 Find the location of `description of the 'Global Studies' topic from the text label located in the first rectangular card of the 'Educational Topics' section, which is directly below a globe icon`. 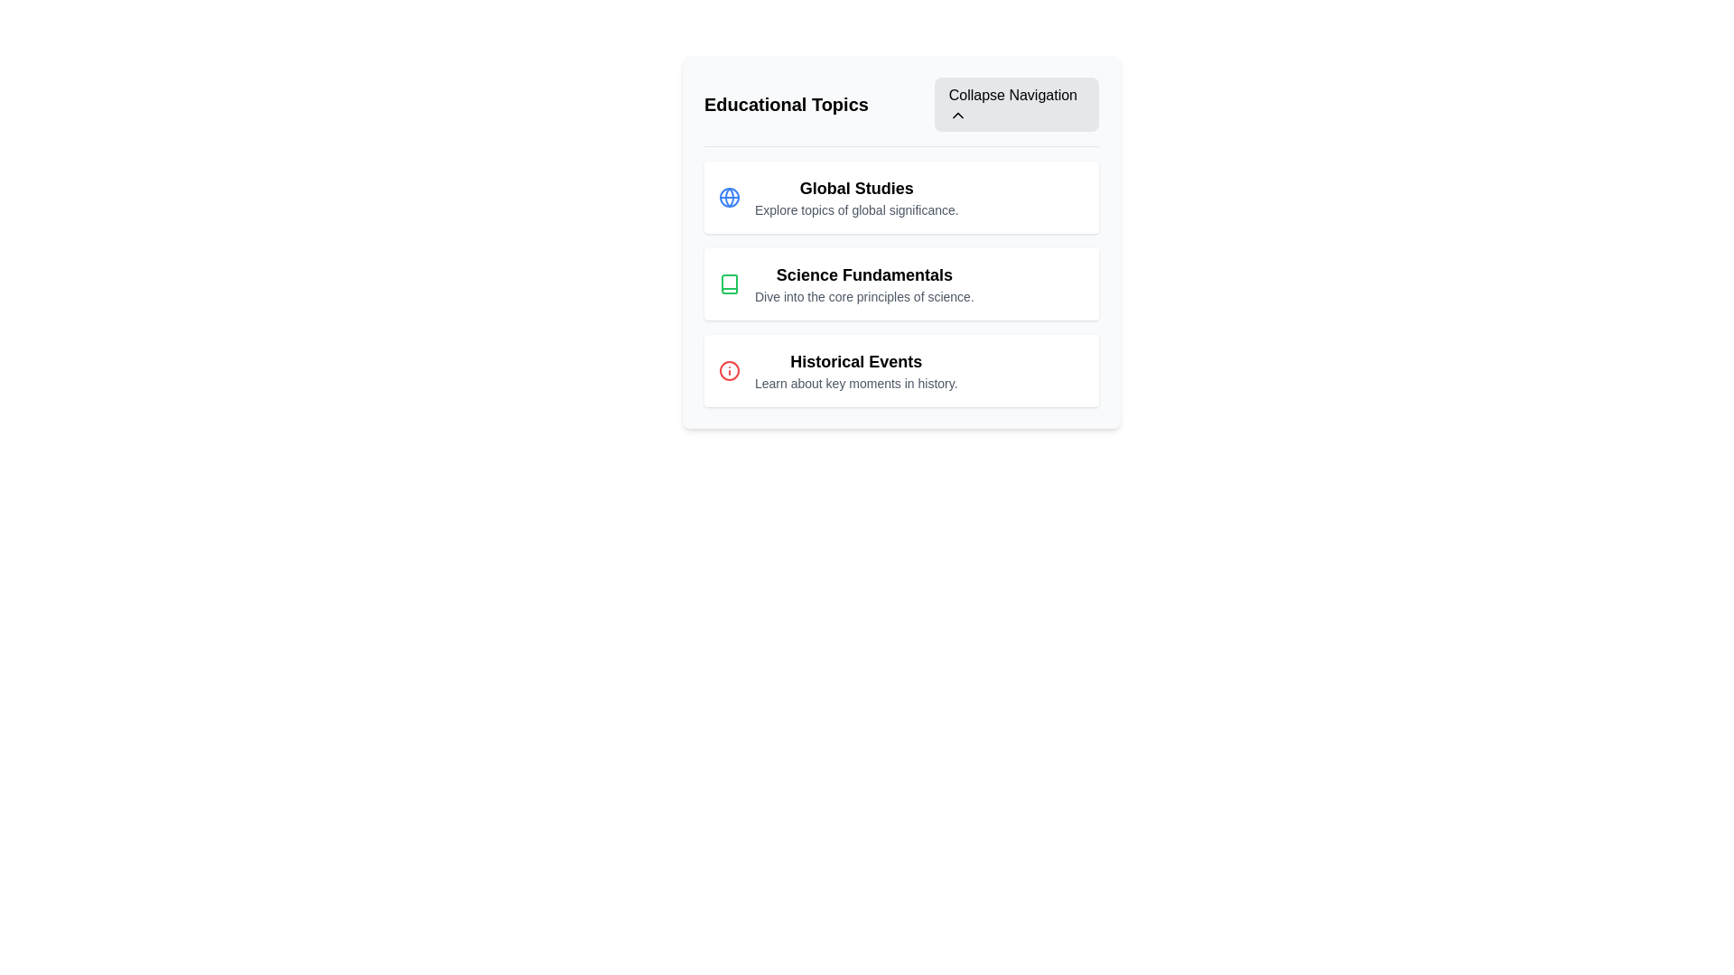

description of the 'Global Studies' topic from the text label located in the first rectangular card of the 'Educational Topics' section, which is directly below a globe icon is located at coordinates (855, 198).